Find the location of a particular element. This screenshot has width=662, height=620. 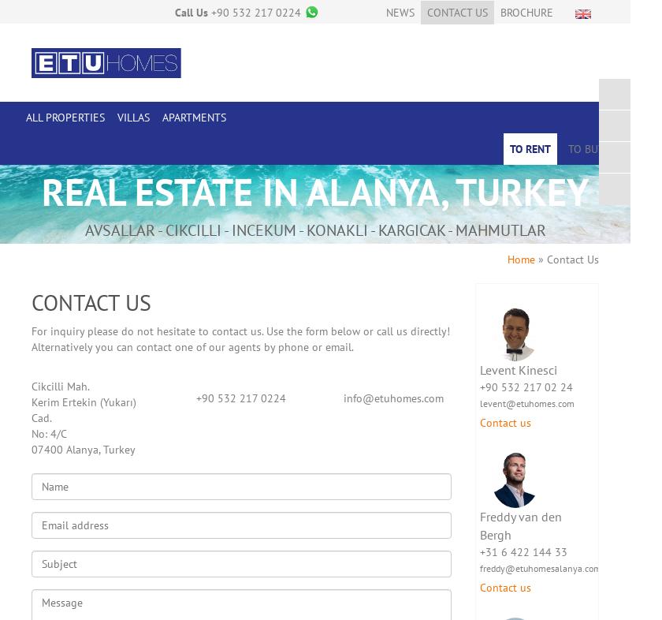

'+31 6 422 144 33' is located at coordinates (523, 551).